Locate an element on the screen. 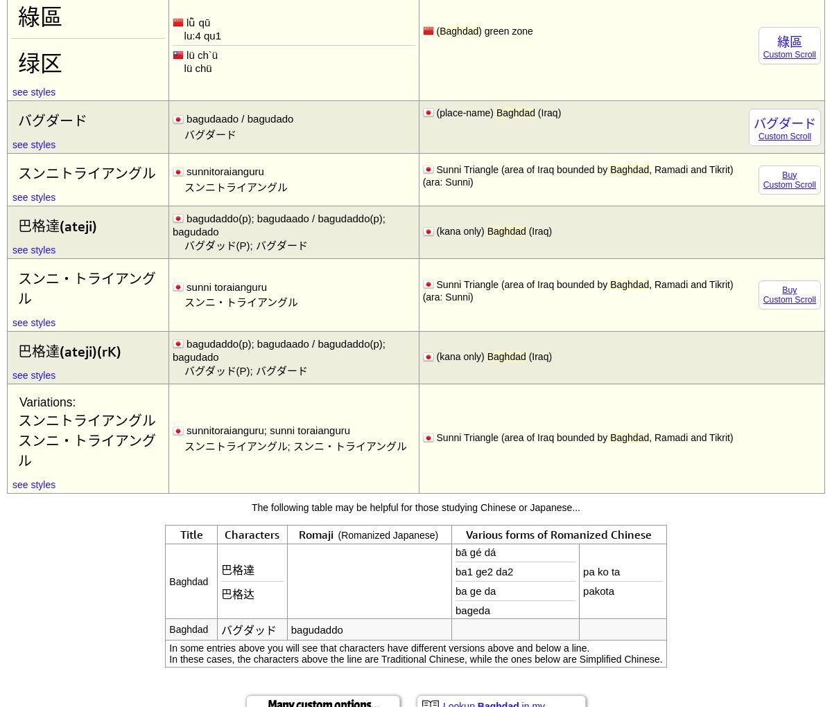 This screenshot has height=707, width=832. 'The following table may be helpful for those studying Chinese or Japanese...' is located at coordinates (415, 506).